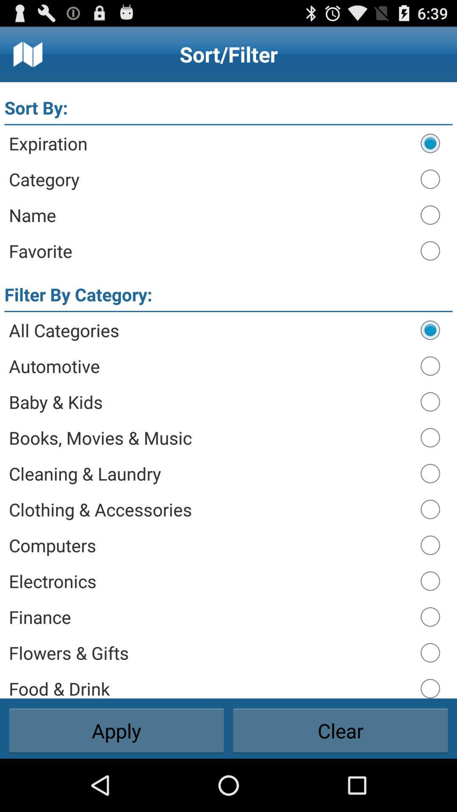 The width and height of the screenshot is (457, 812). I want to click on the app above the expiration, so click(228, 124).